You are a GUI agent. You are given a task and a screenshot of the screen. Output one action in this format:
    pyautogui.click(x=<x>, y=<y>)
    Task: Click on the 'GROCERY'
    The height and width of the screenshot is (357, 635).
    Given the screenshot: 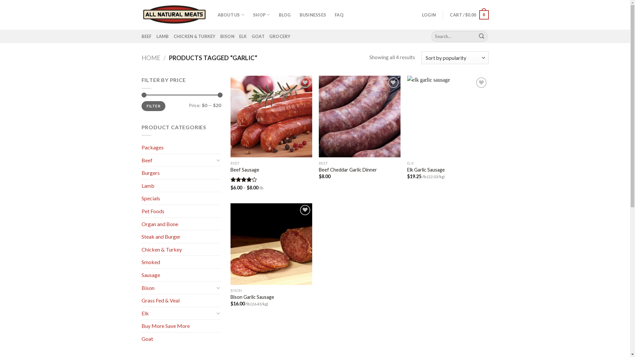 What is the action you would take?
    pyautogui.click(x=280, y=36)
    